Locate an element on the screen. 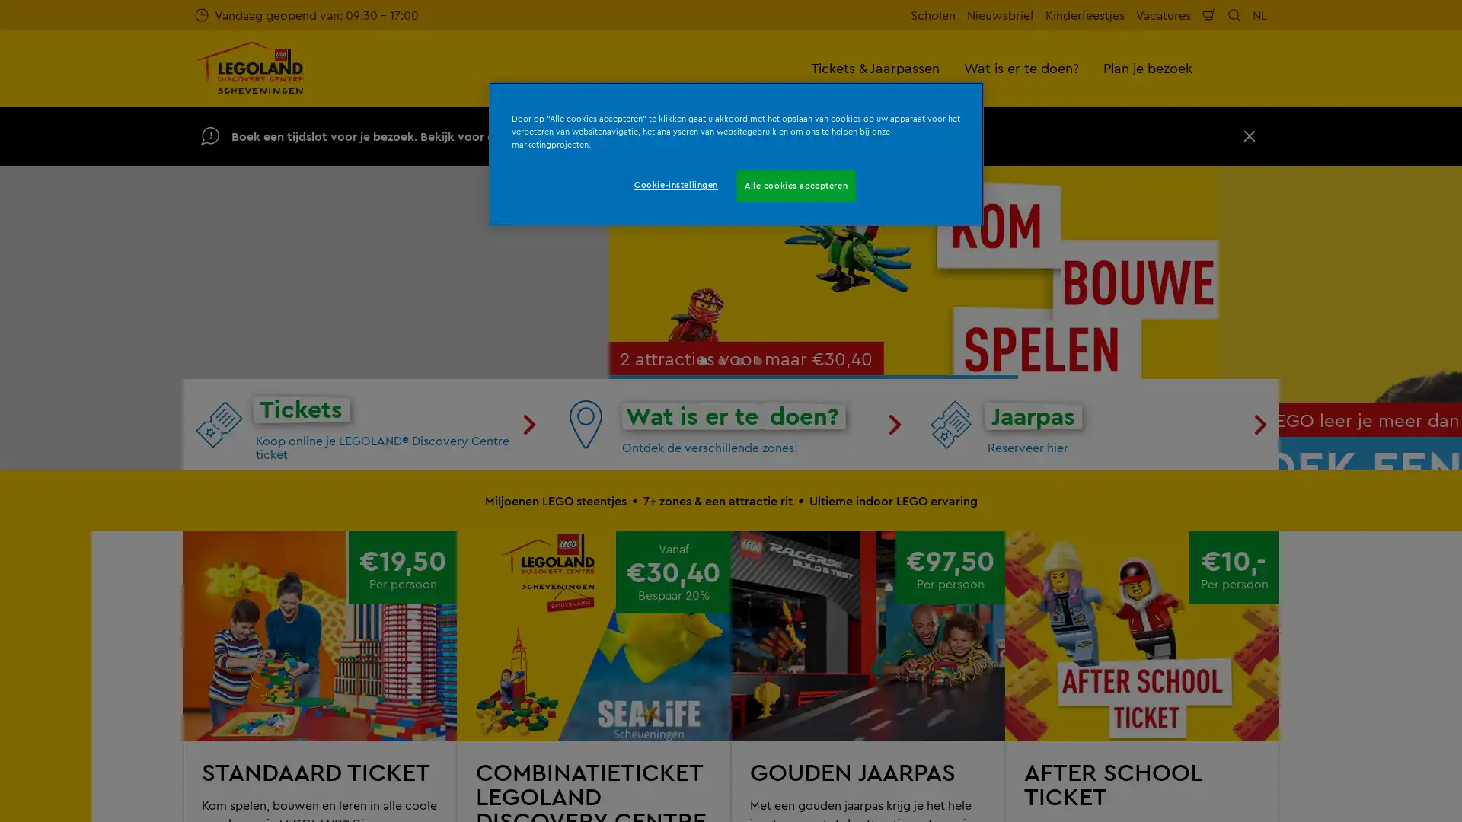  NL Talen is located at coordinates (1259, 14).